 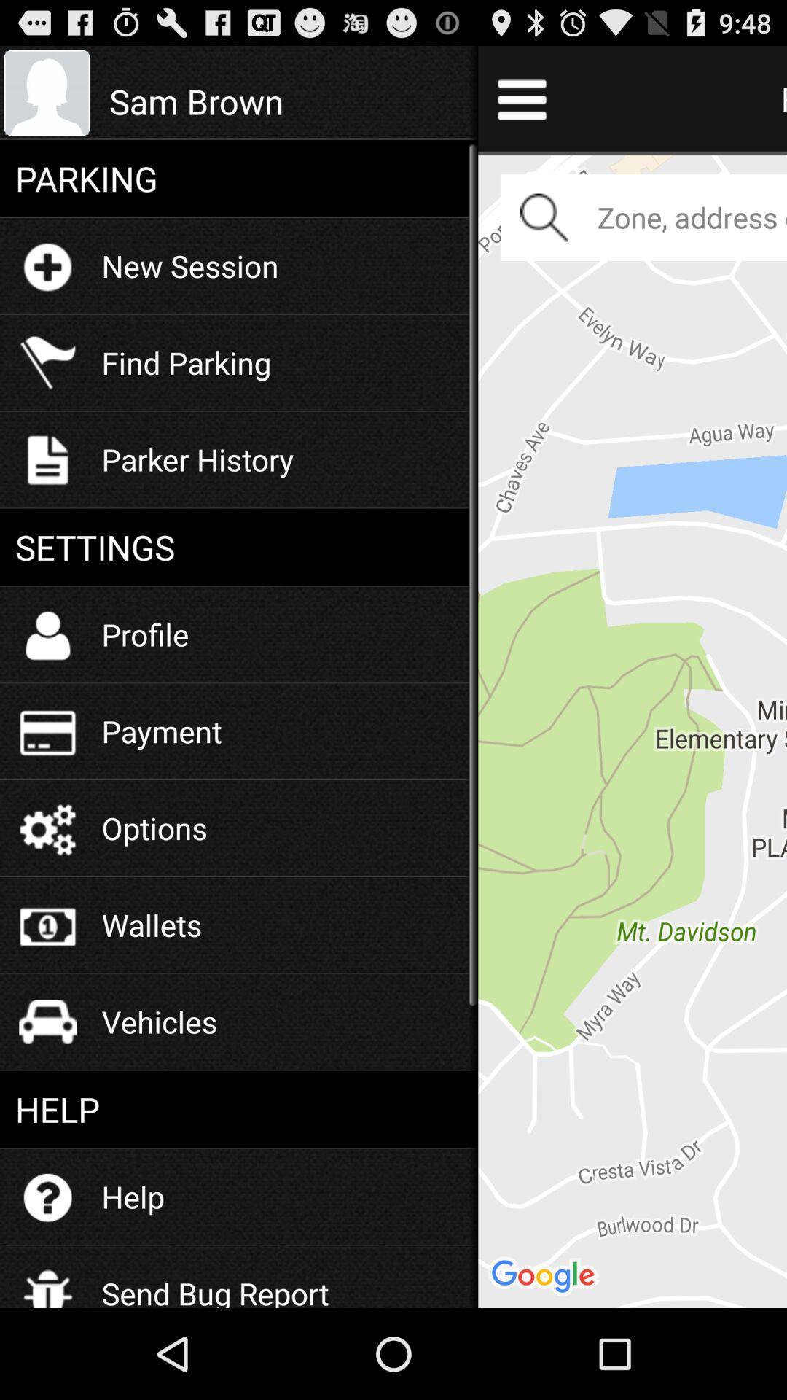 What do you see at coordinates (47, 924) in the screenshot?
I see `wallets icon` at bounding box center [47, 924].